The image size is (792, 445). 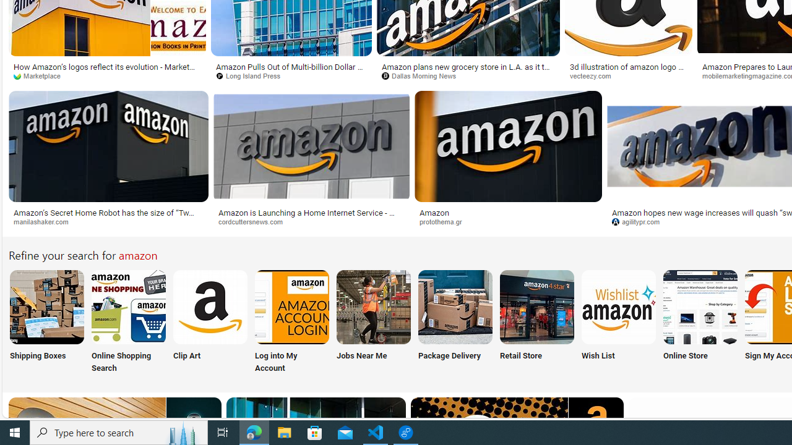 What do you see at coordinates (129, 322) in the screenshot?
I see `'Amazon Online Shopping Search Online Shopping Search'` at bounding box center [129, 322].